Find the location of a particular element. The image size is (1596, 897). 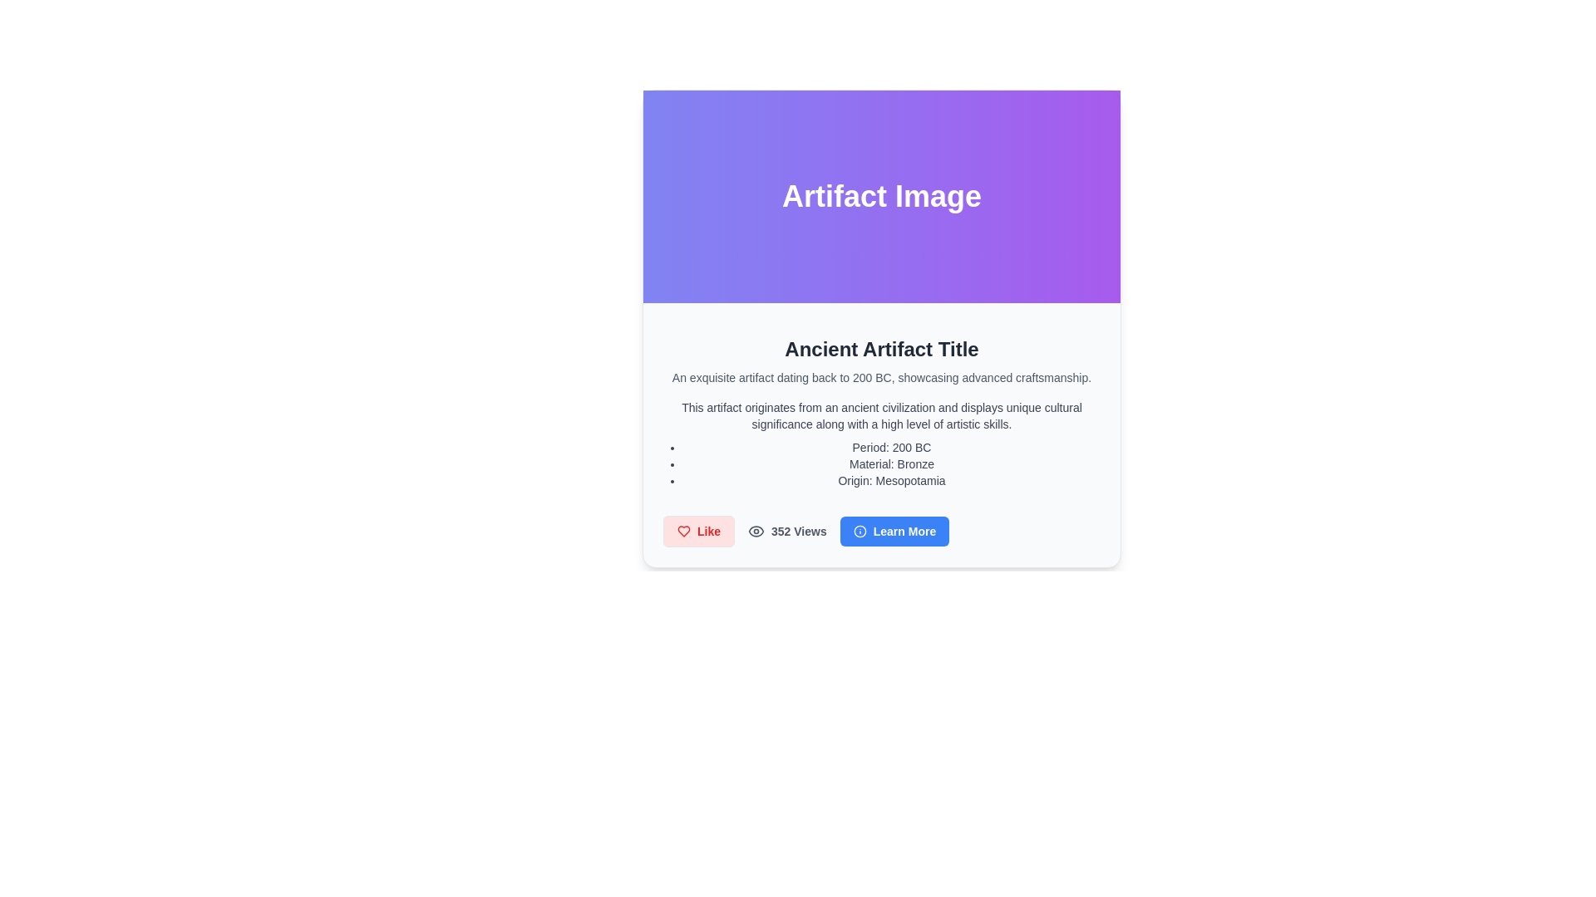

static text indicating the historical period of the artifact, which states '200 BC', located below the title and description of the artifact is located at coordinates (891, 447).